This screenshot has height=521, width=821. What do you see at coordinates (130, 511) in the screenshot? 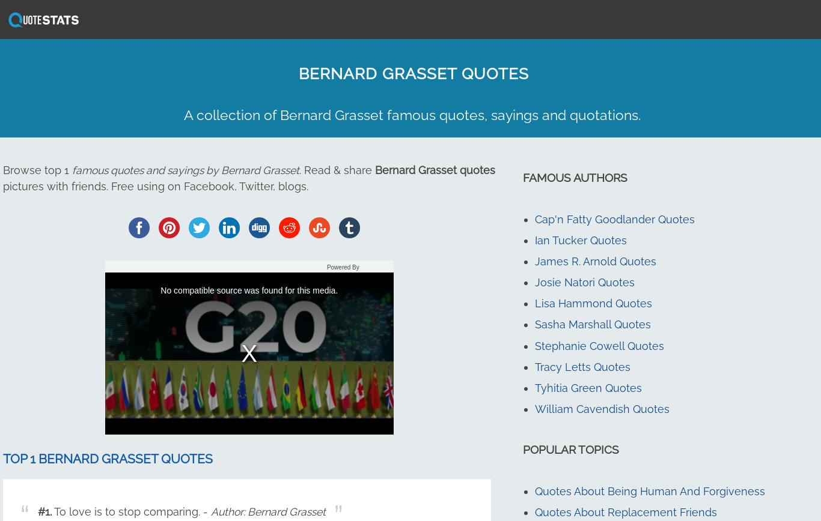
I see `'To love is to stop comparing. -'` at bounding box center [130, 511].